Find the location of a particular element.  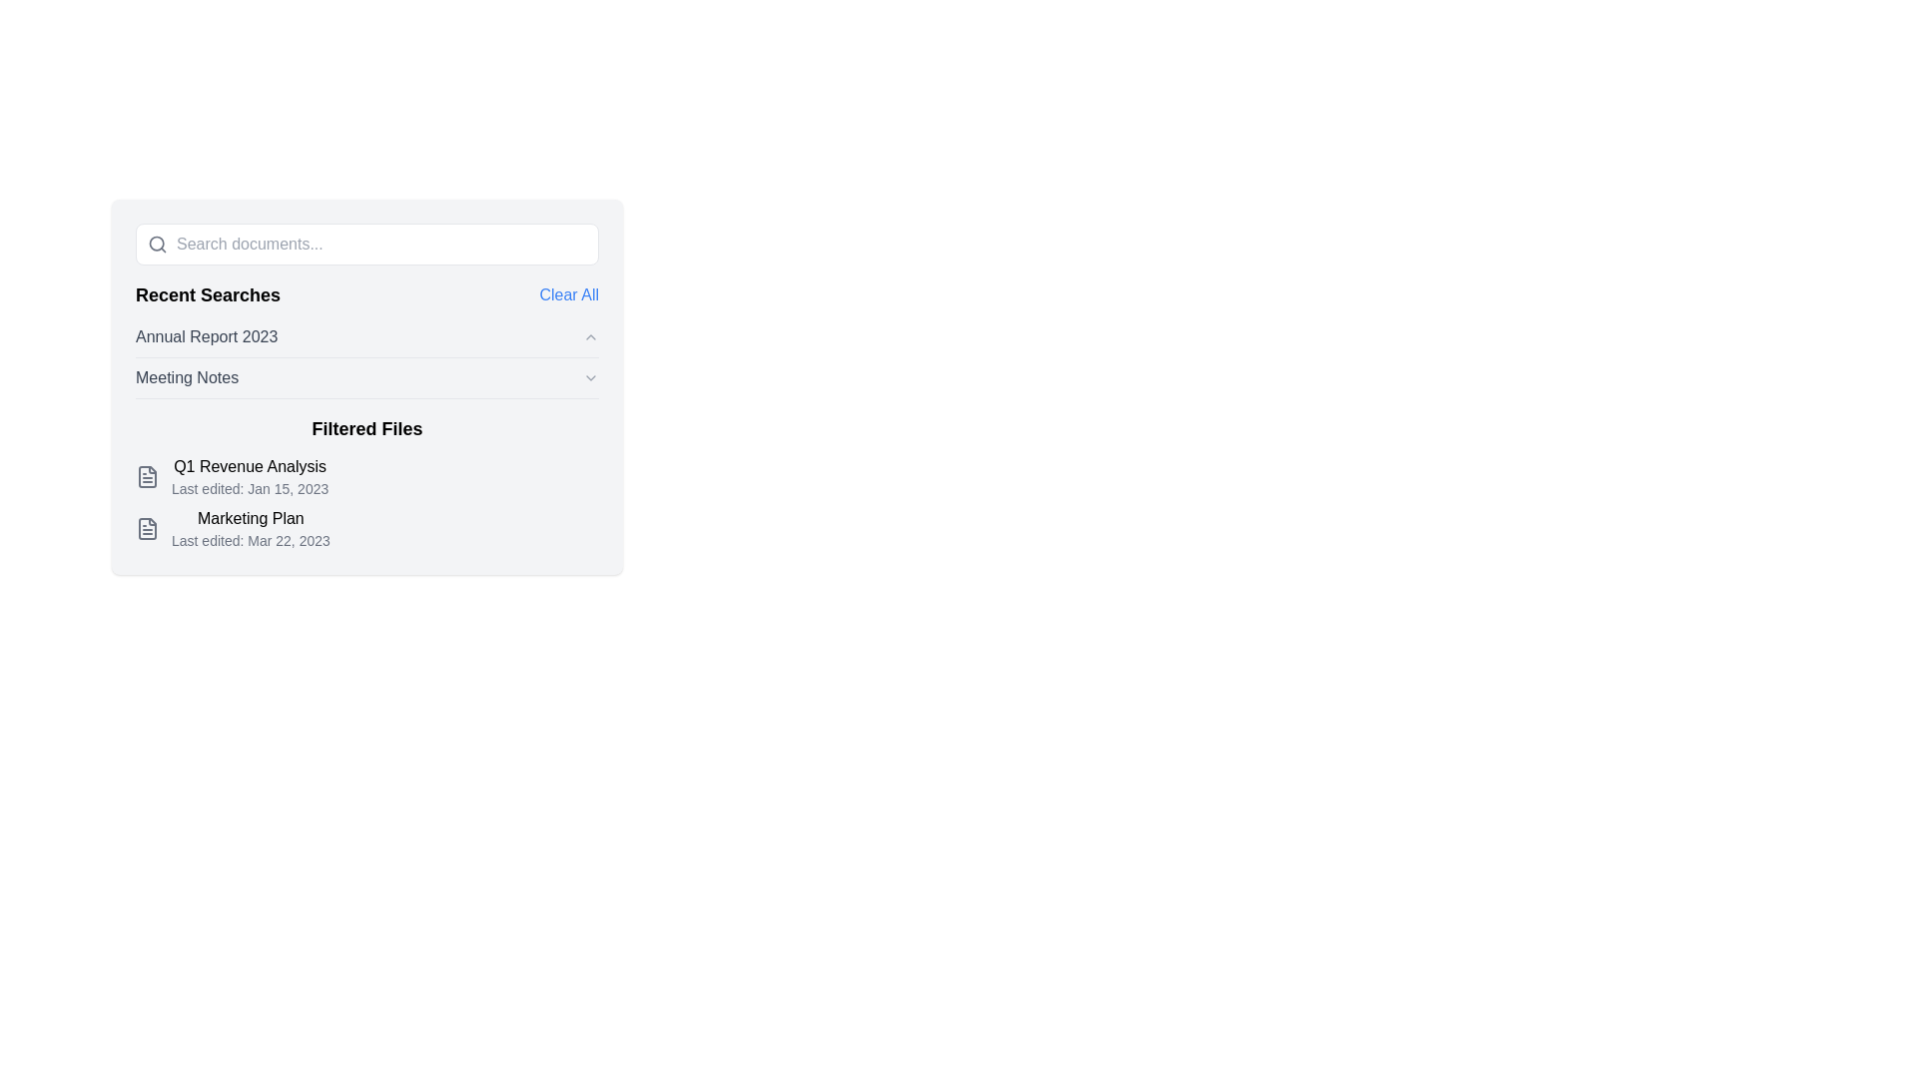

the metadata of the 'Marketing Plan' entry in the 'Filtered Files' section is located at coordinates (250, 527).